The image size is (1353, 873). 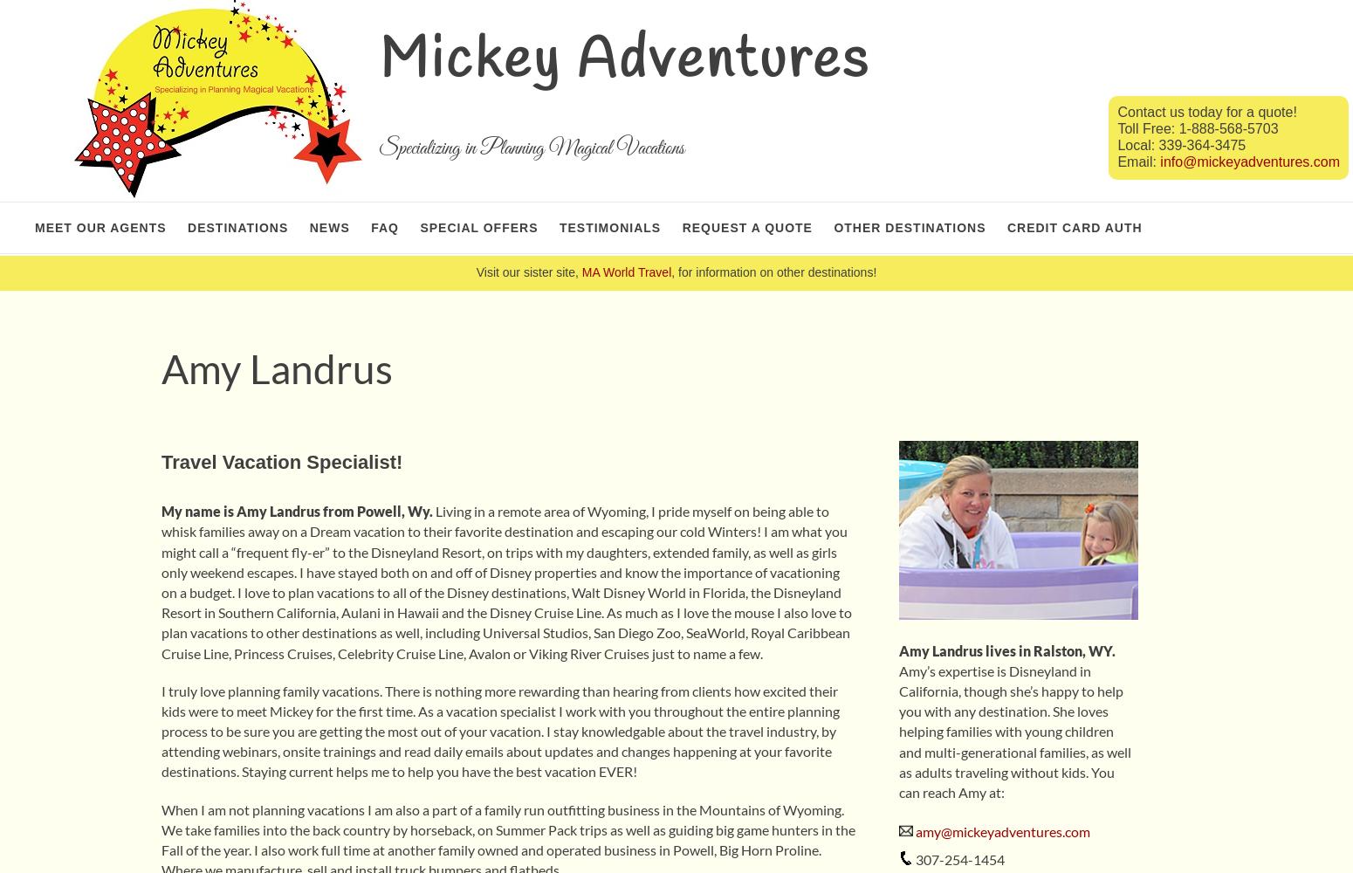 What do you see at coordinates (912, 858) in the screenshot?
I see `'307-254-1454'` at bounding box center [912, 858].